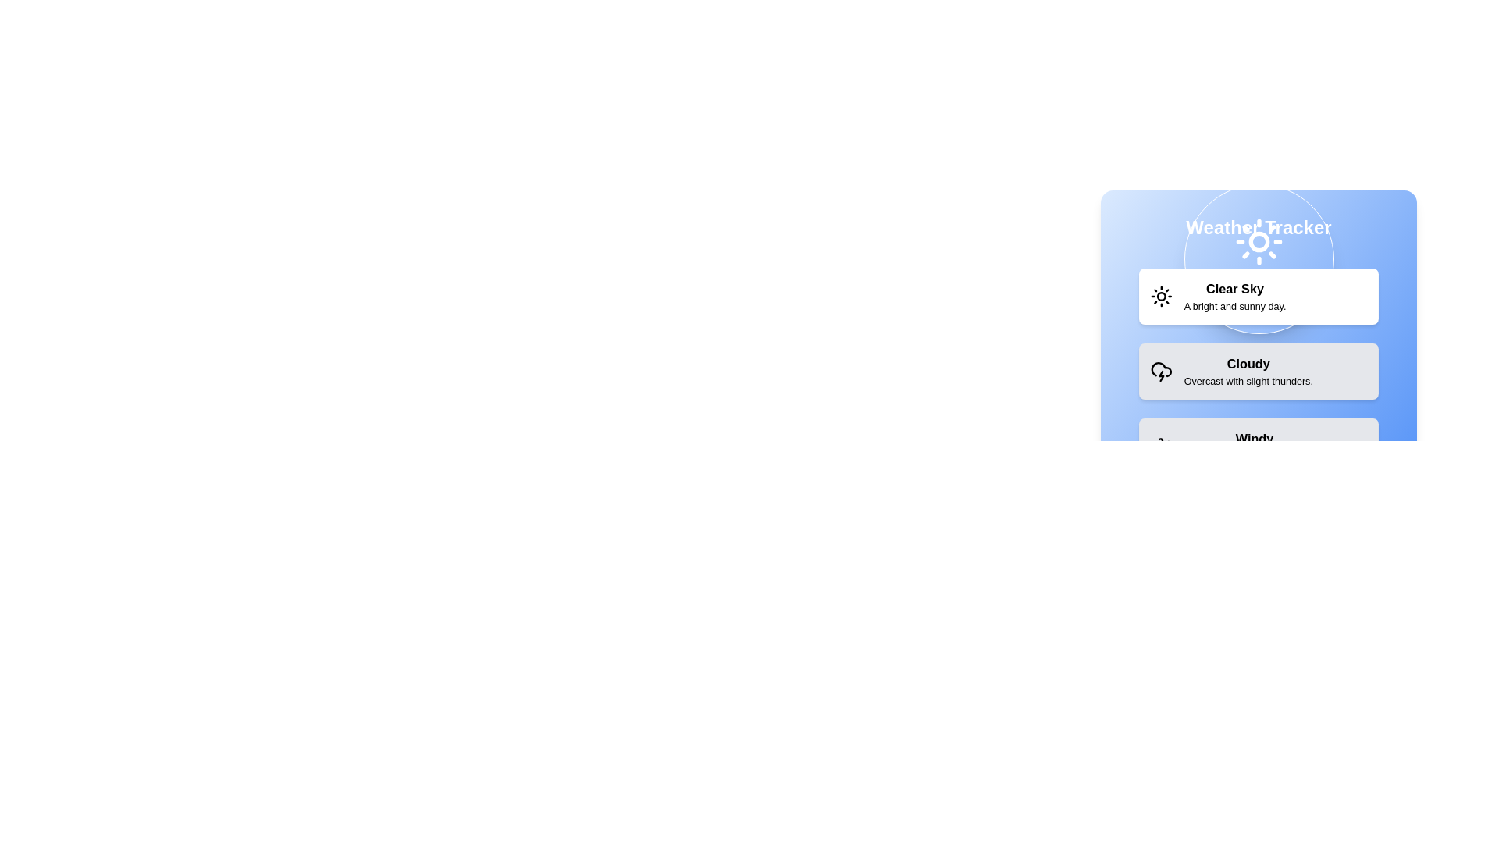  I want to click on the first circular informational display indicating clear skies in the blue-themed weather interface, so click(1259, 258).